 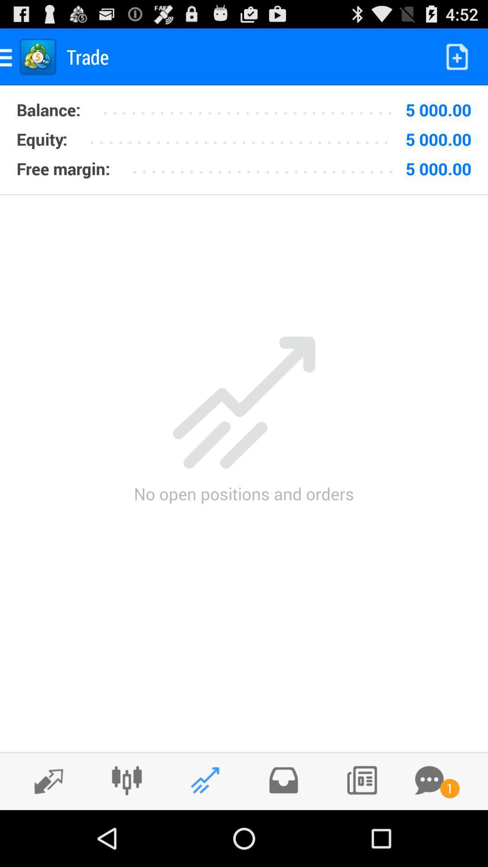 What do you see at coordinates (429, 780) in the screenshot?
I see `messages` at bounding box center [429, 780].